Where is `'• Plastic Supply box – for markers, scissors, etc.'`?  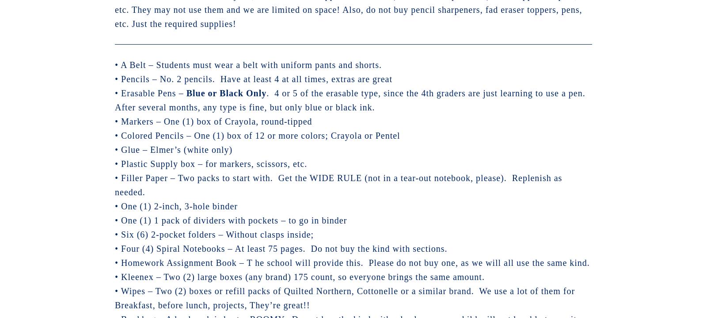 '• Plastic Supply box – for markers, scissors, etc.' is located at coordinates (210, 163).